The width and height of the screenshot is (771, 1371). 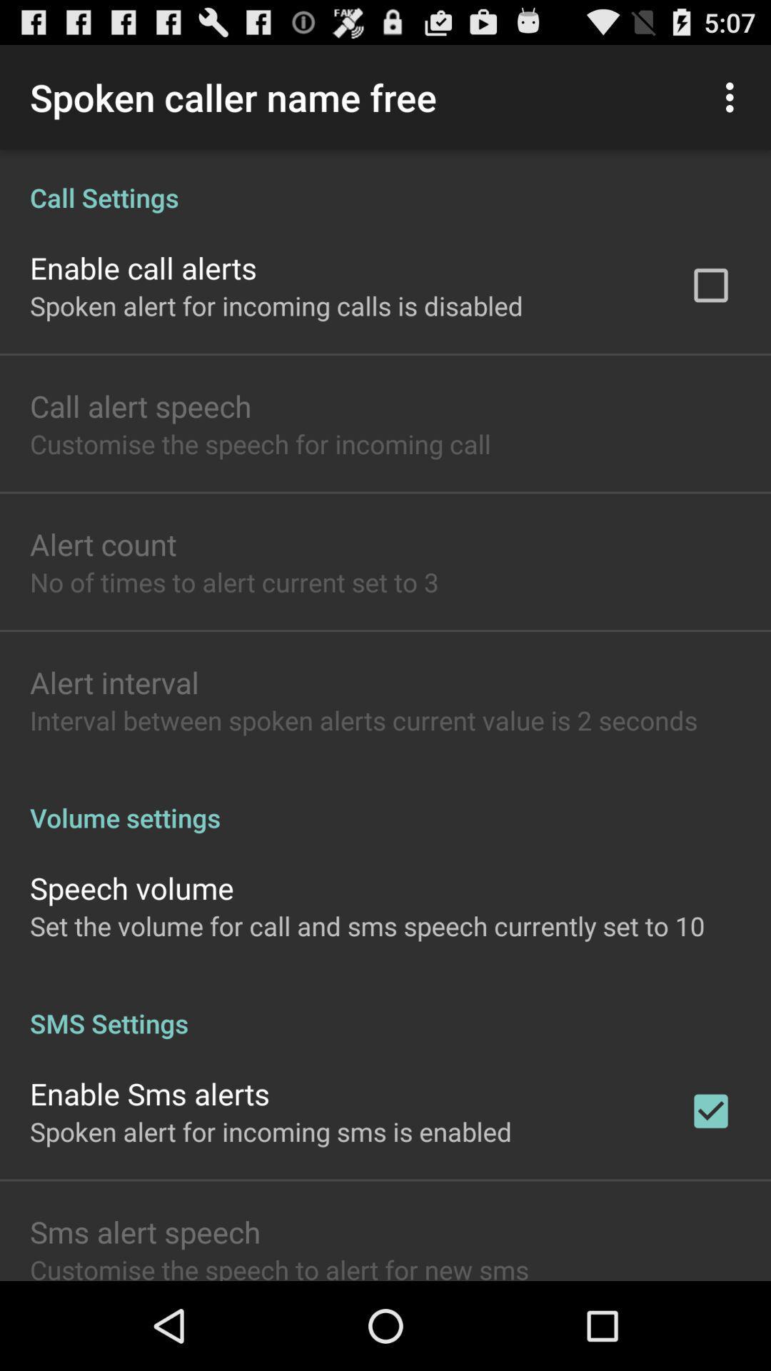 I want to click on icon above the call settings icon, so click(x=733, y=96).